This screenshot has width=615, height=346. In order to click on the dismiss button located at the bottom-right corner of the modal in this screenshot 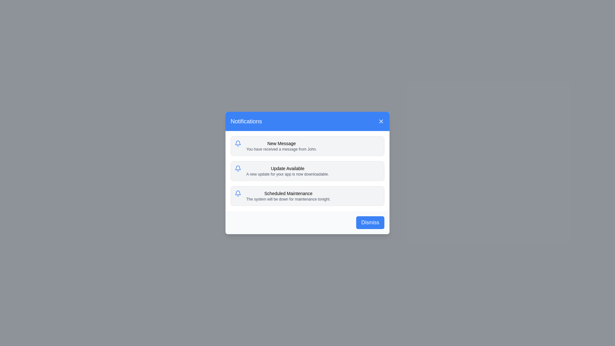, I will do `click(370, 222)`.